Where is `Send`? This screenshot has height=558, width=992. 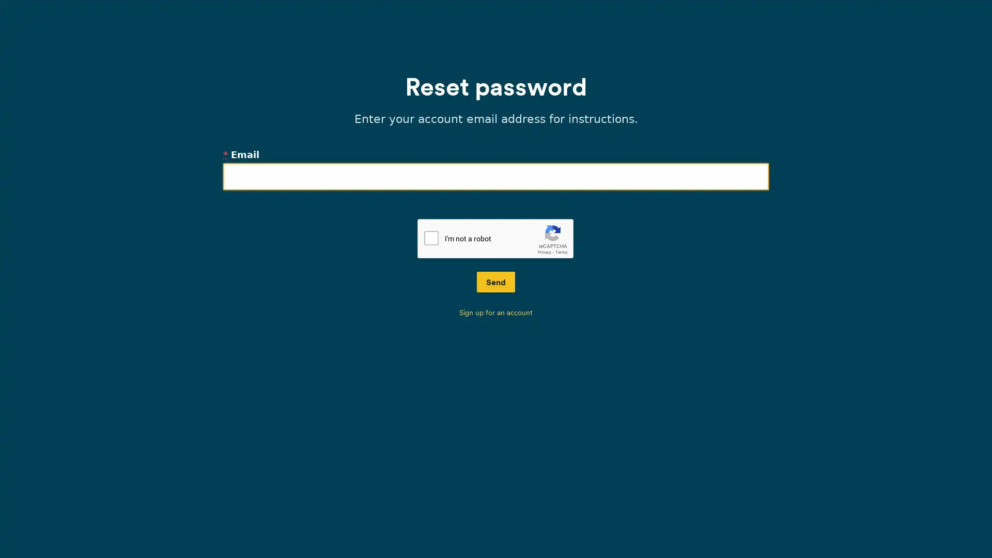 Send is located at coordinates (496, 282).